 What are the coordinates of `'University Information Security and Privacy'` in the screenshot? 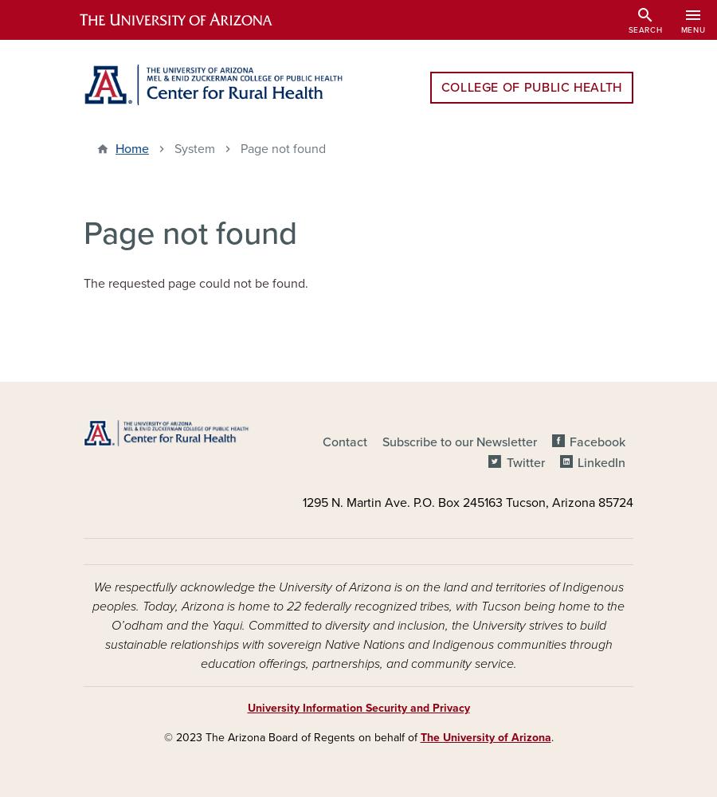 It's located at (358, 708).